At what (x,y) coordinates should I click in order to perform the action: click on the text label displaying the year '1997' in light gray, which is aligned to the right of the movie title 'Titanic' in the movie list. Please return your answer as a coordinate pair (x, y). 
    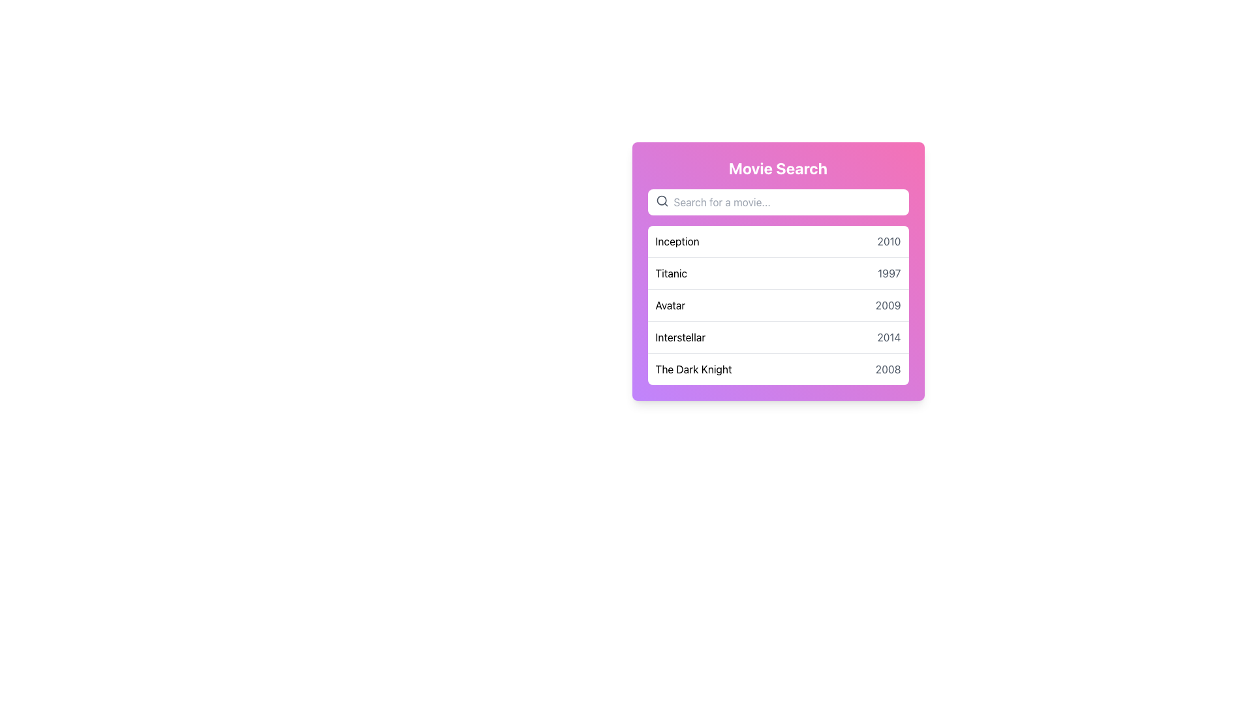
    Looking at the image, I should click on (888, 273).